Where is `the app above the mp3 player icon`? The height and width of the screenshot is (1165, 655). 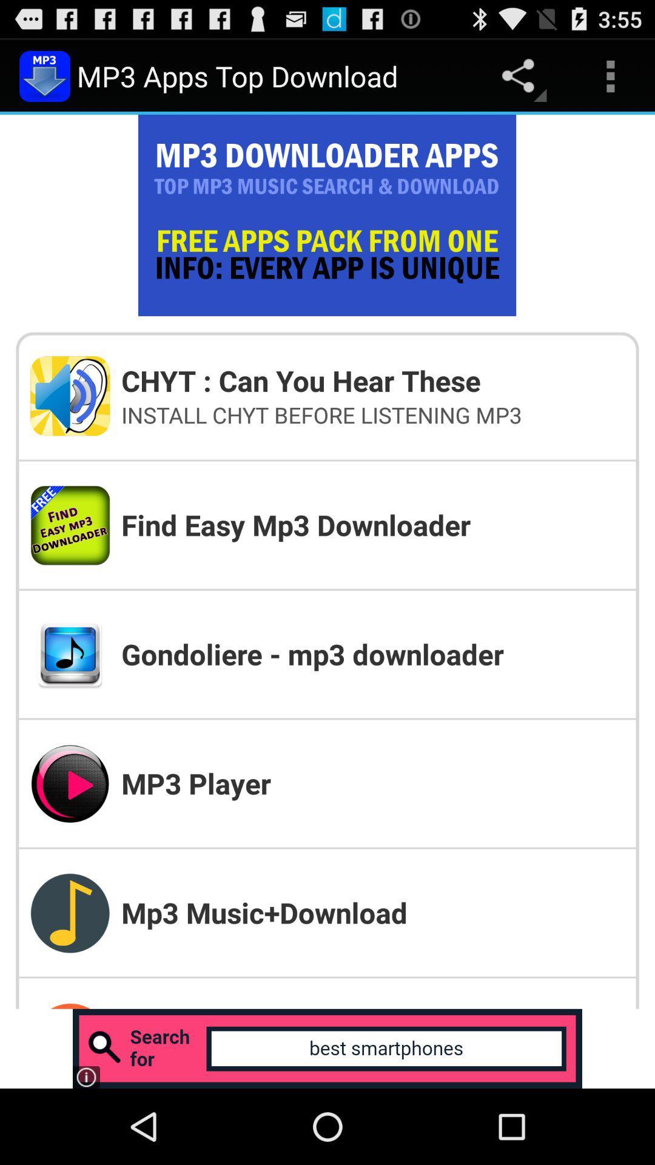 the app above the mp3 player icon is located at coordinates (372, 653).